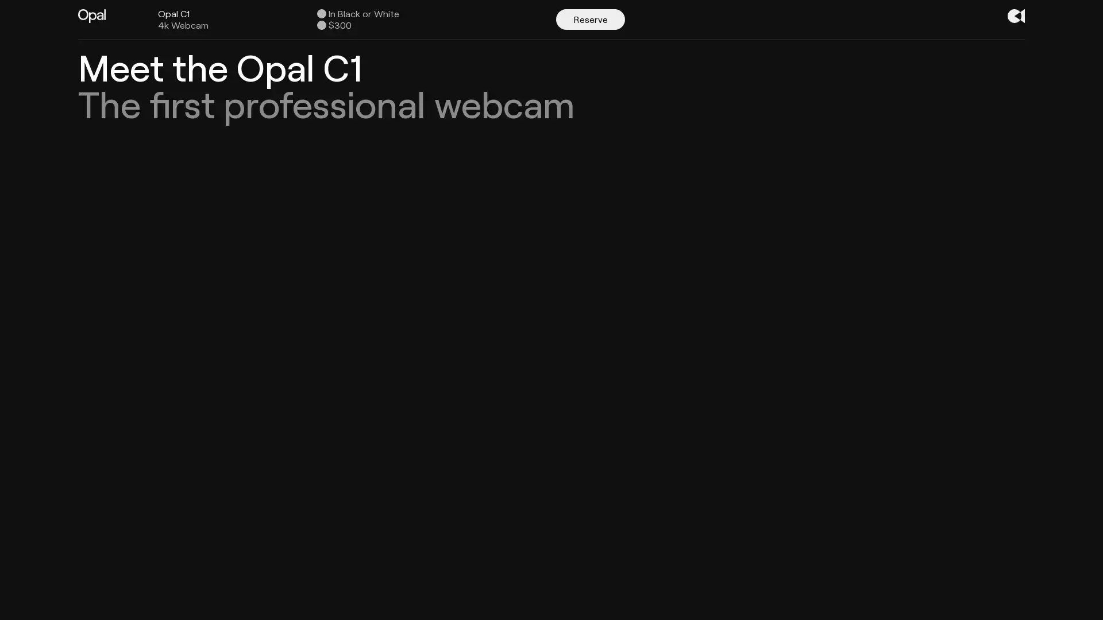 Image resolution: width=1103 pixels, height=620 pixels. What do you see at coordinates (590, 20) in the screenshot?
I see `Reserve` at bounding box center [590, 20].